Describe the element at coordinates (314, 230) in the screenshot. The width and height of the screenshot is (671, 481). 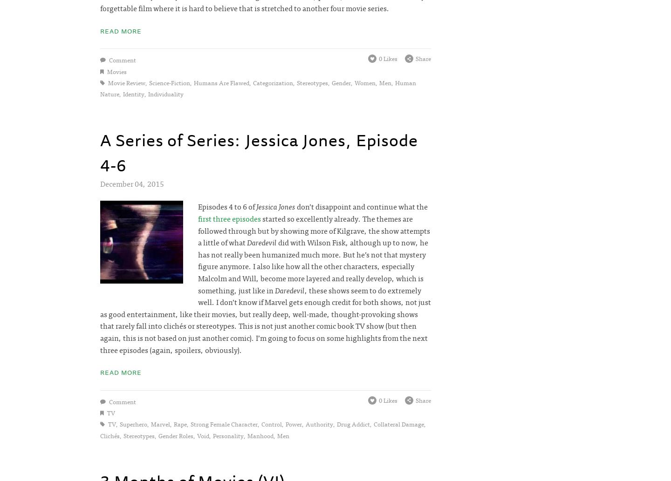
I see `'started so excellently already. The themes are followed through but by showing more of Kilgrave, the show attempts a little of what'` at that location.